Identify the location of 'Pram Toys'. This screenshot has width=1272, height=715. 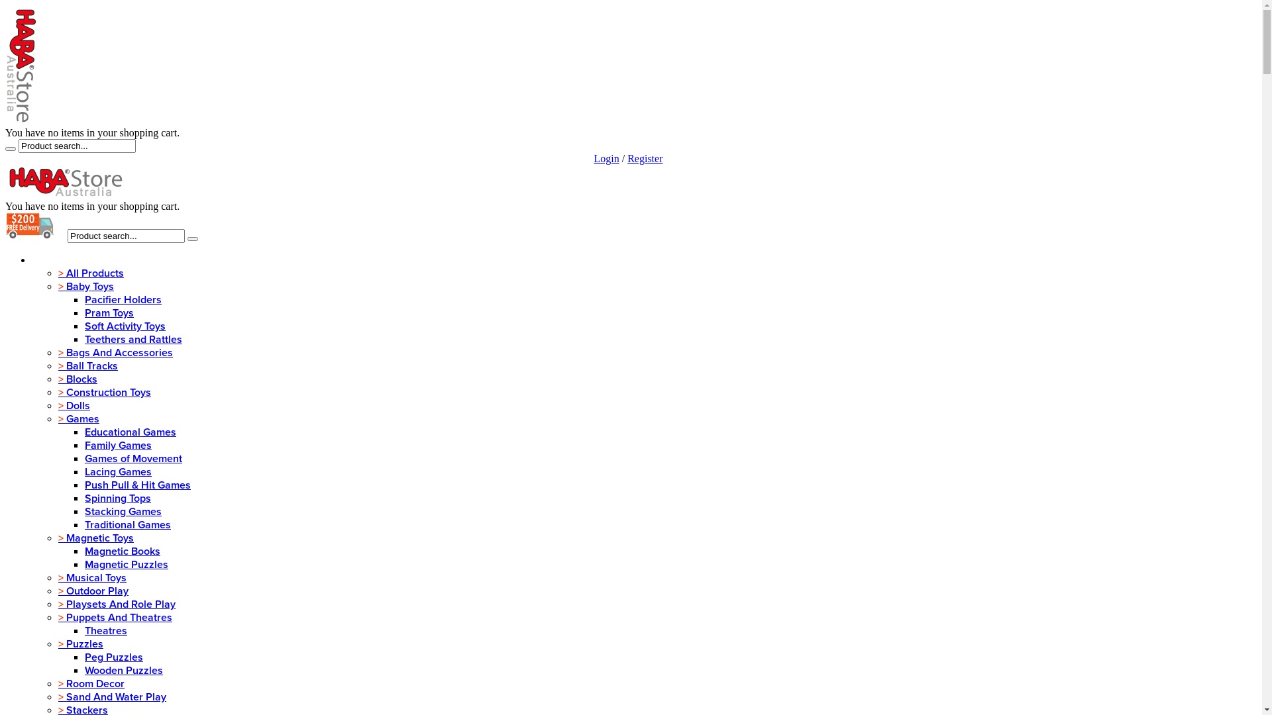
(109, 313).